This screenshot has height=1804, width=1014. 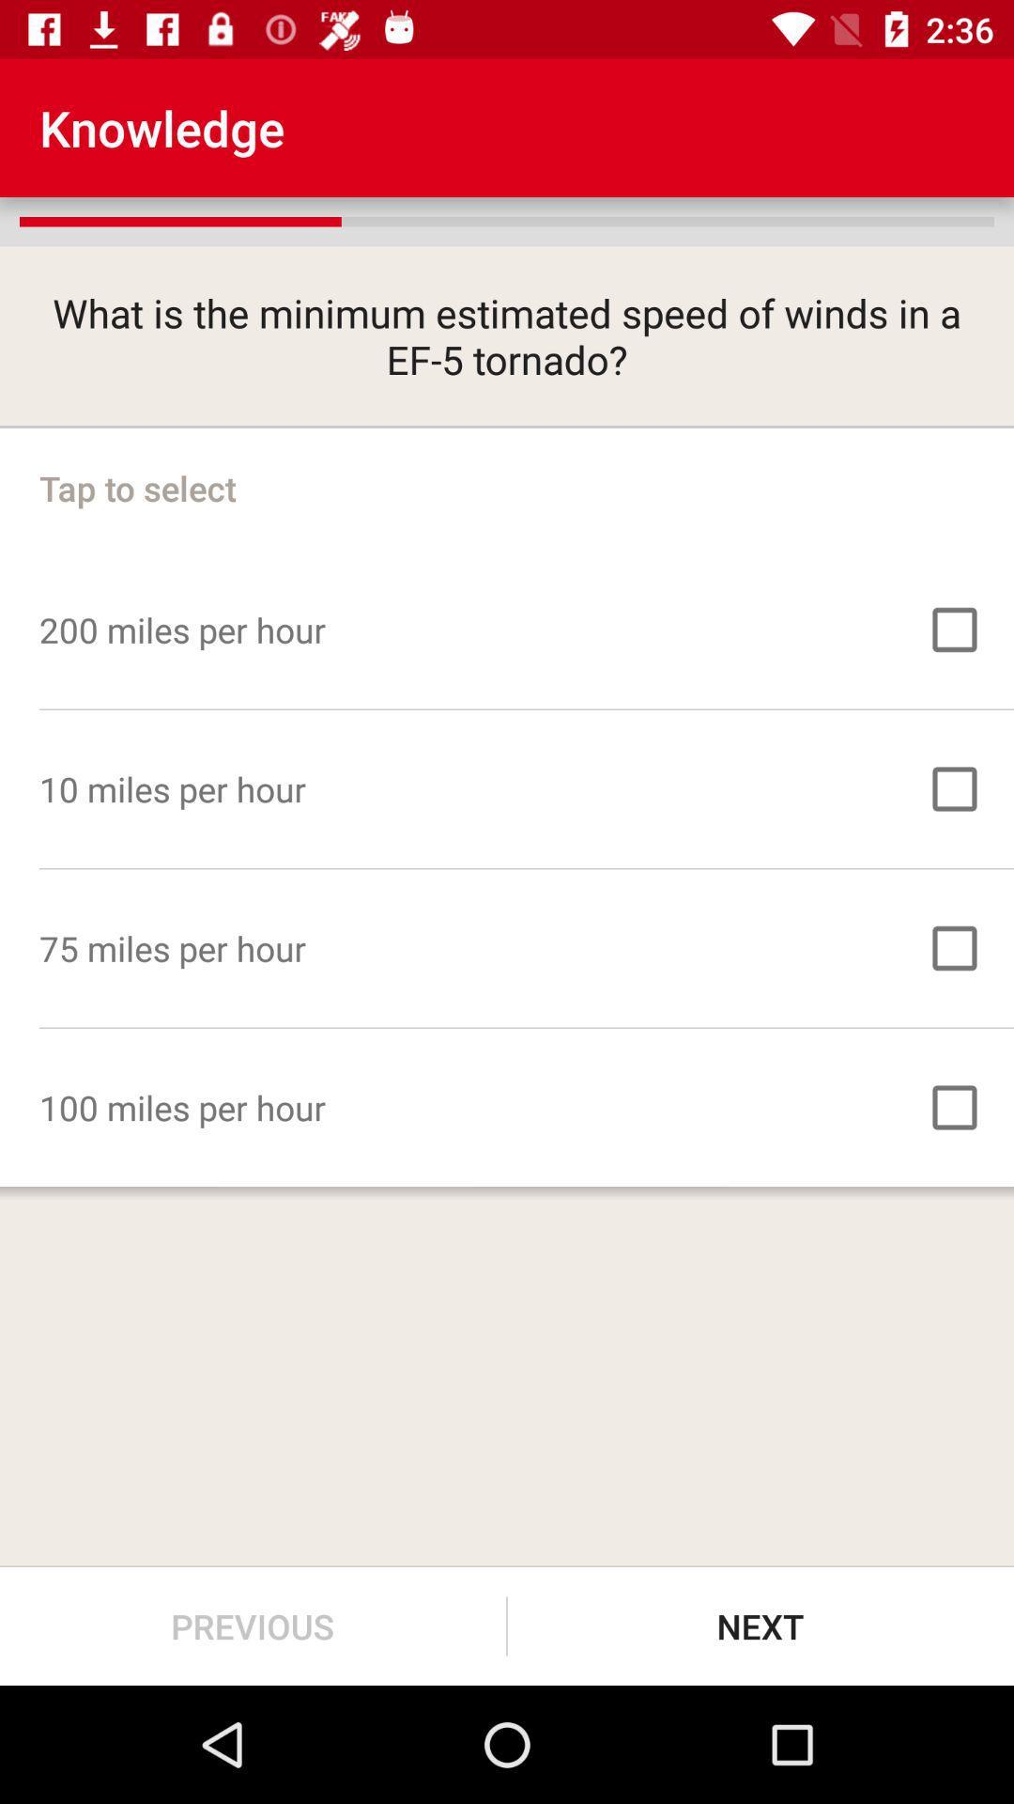 I want to click on next at the bottom right corner, so click(x=760, y=1625).